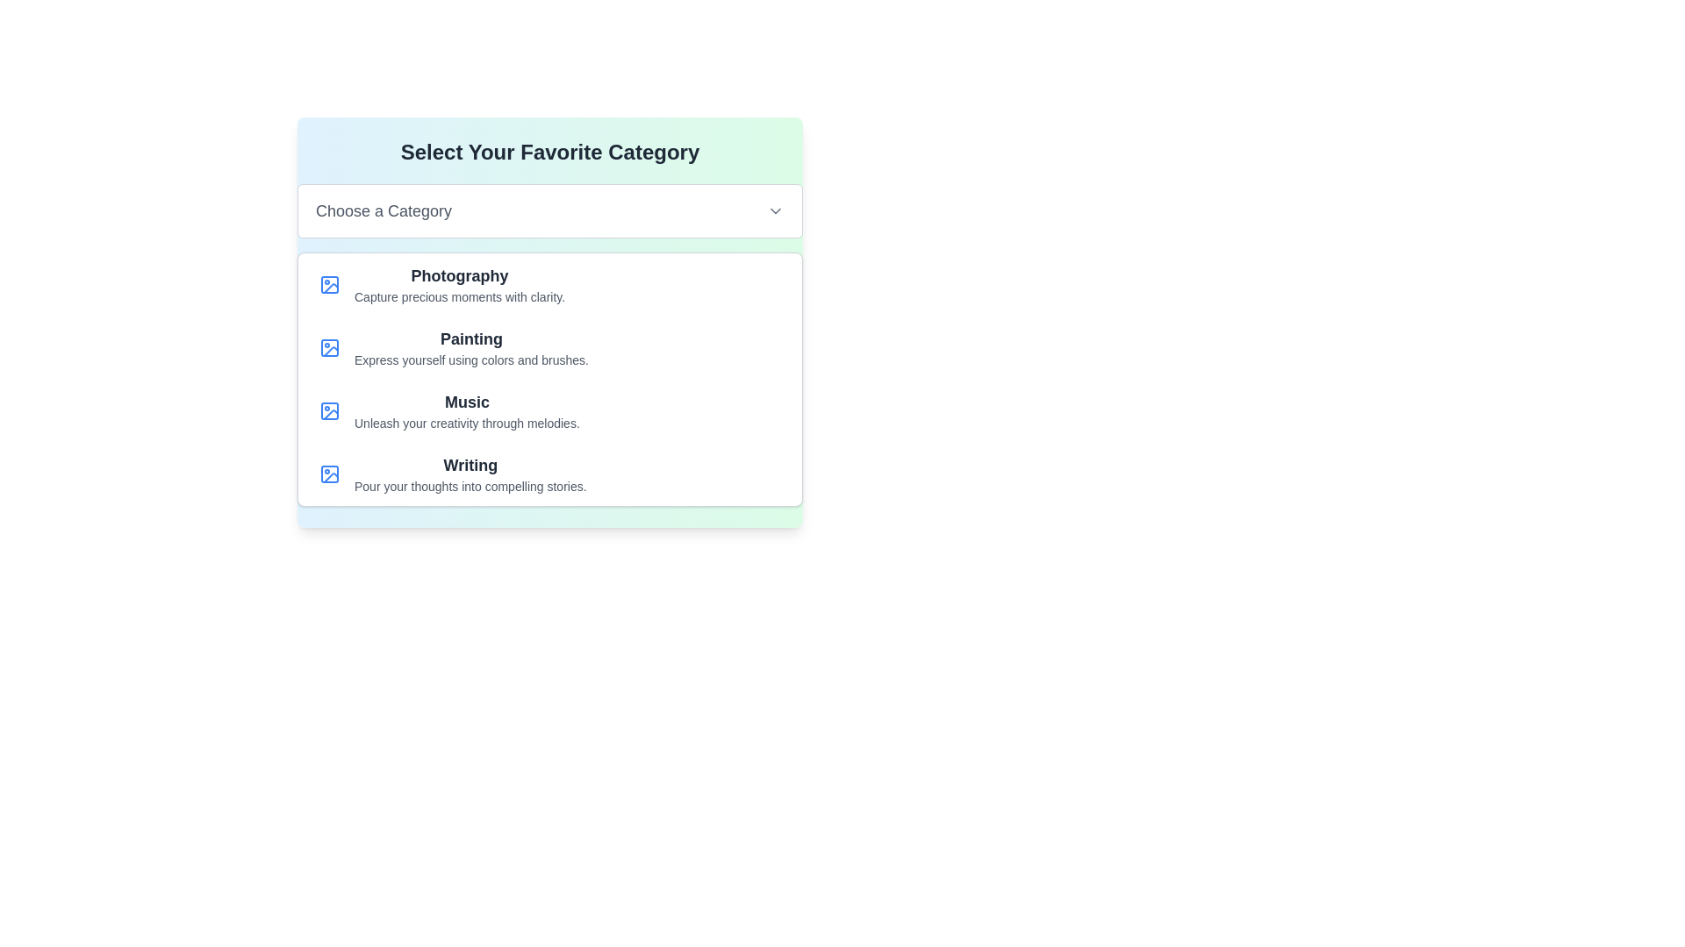 The image size is (1685, 947). What do you see at coordinates (460, 276) in the screenshot?
I see `the 'Photography' category label located in the 'Select Your Favorite Category' section, which is the first item in the list of options` at bounding box center [460, 276].